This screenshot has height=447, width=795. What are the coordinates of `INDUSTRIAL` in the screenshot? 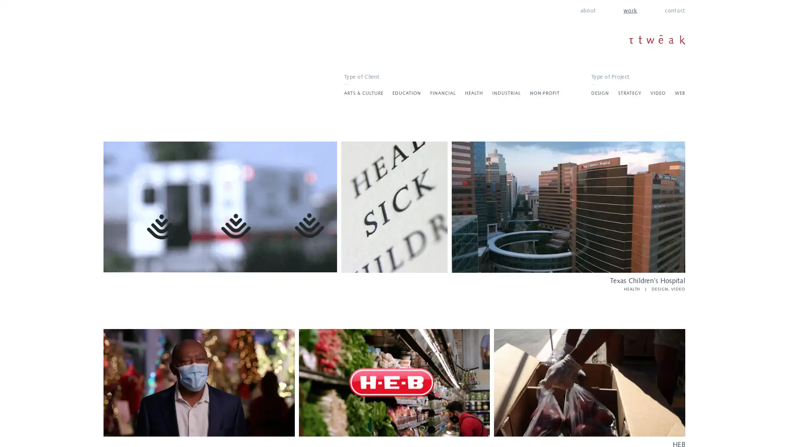 It's located at (506, 93).